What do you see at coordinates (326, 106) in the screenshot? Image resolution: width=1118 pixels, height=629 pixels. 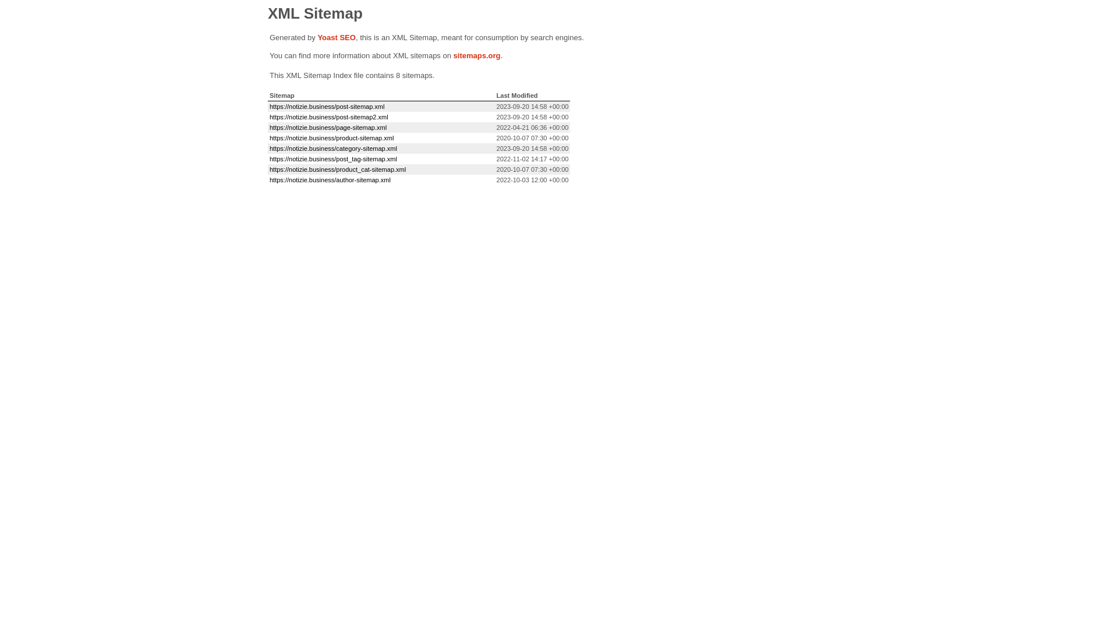 I see `'https://notizie.business/post-sitemap.xml'` at bounding box center [326, 106].